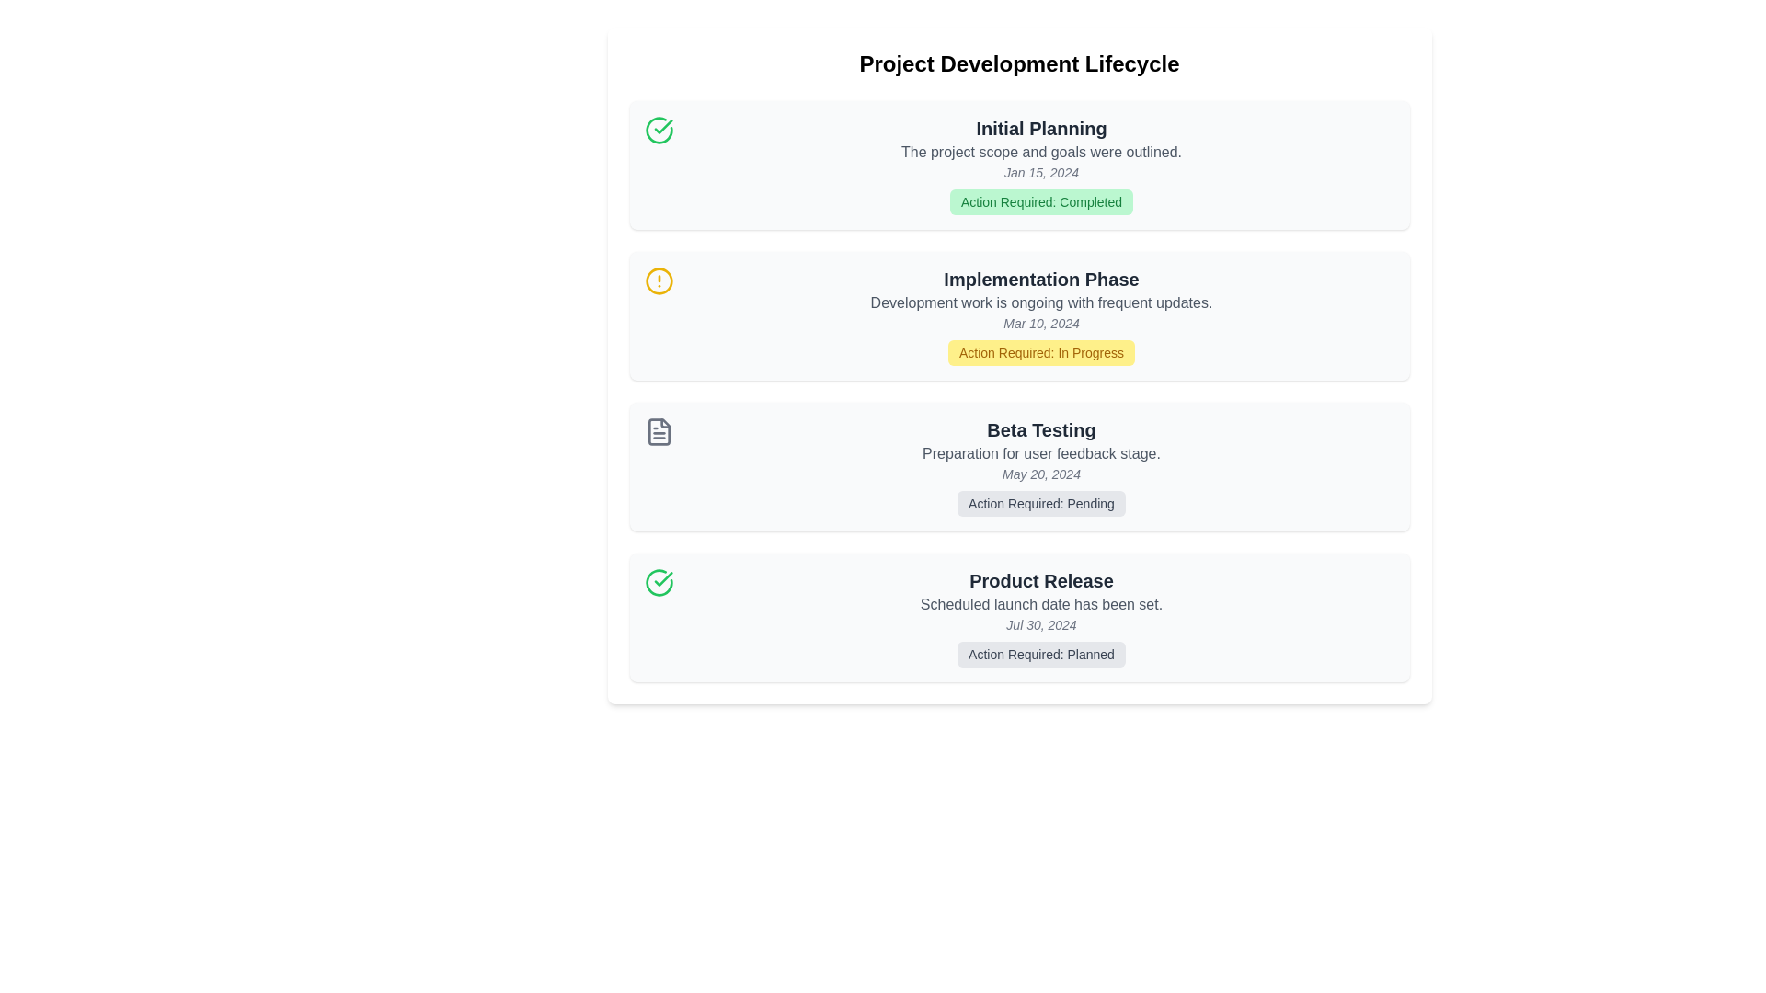 The image size is (1766, 993). Describe the element at coordinates (659, 432) in the screenshot. I see `the 'Beta Testing' status indicator icon, which is the third icon in the list, located to the left of the 'Beta Testing' text` at that location.